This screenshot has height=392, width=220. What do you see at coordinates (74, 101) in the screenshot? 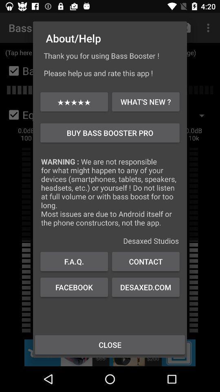
I see `icon next to what's new ? icon` at bounding box center [74, 101].